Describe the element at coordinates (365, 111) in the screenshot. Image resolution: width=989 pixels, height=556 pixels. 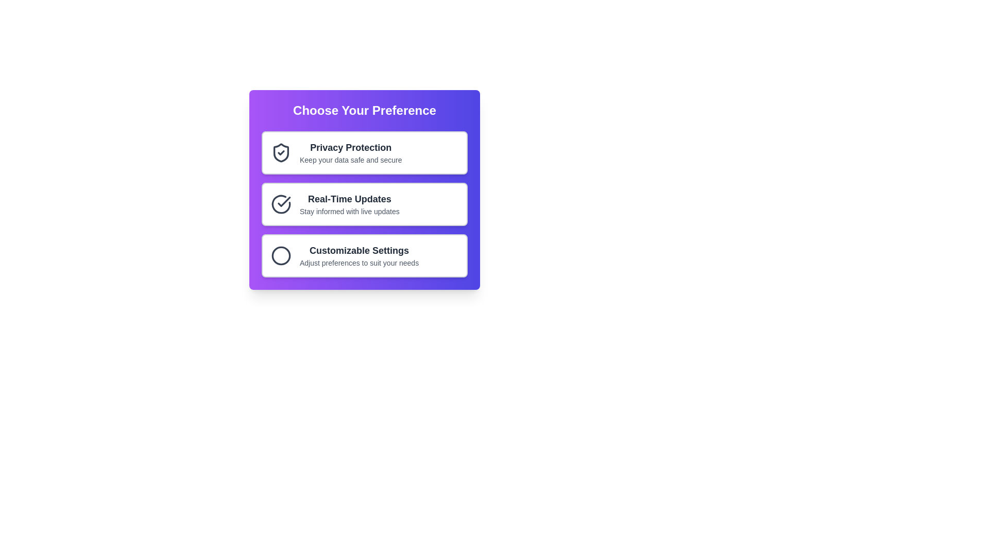
I see `text of the heading located at the top center of the purple gradient box, which serves as a title for the section below` at that location.